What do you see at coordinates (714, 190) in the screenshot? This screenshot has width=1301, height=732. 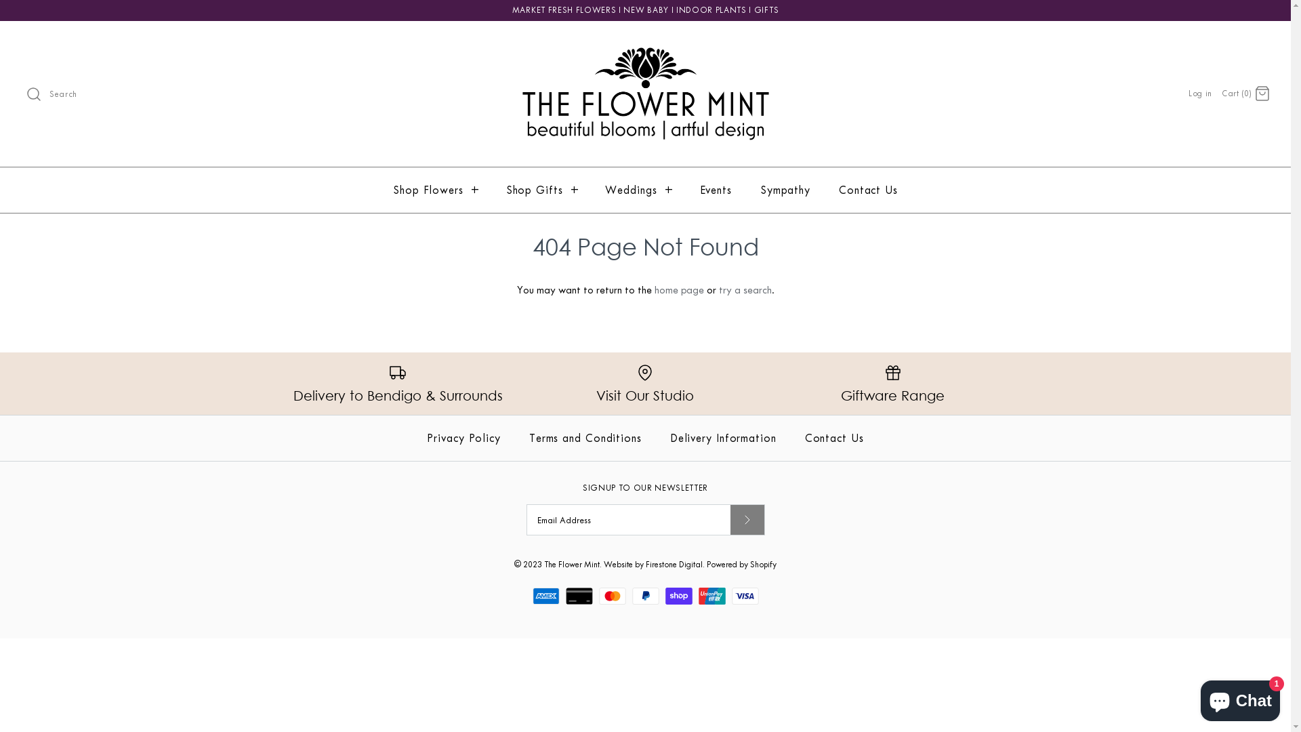 I see `'Events'` at bounding box center [714, 190].